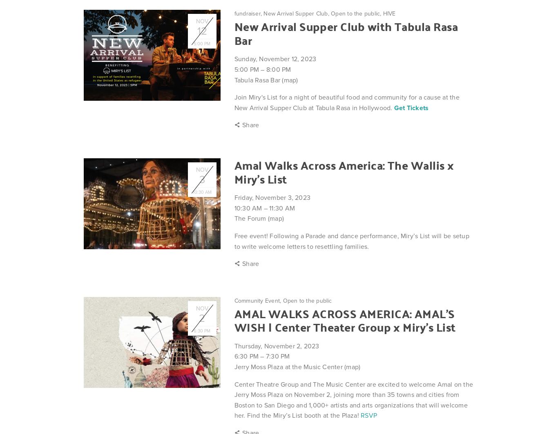  What do you see at coordinates (246, 356) in the screenshot?
I see `'6:30 PM'` at bounding box center [246, 356].